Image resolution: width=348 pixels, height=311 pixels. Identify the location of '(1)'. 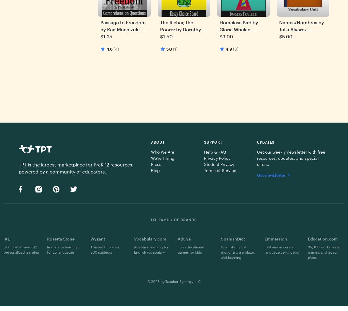
(175, 49).